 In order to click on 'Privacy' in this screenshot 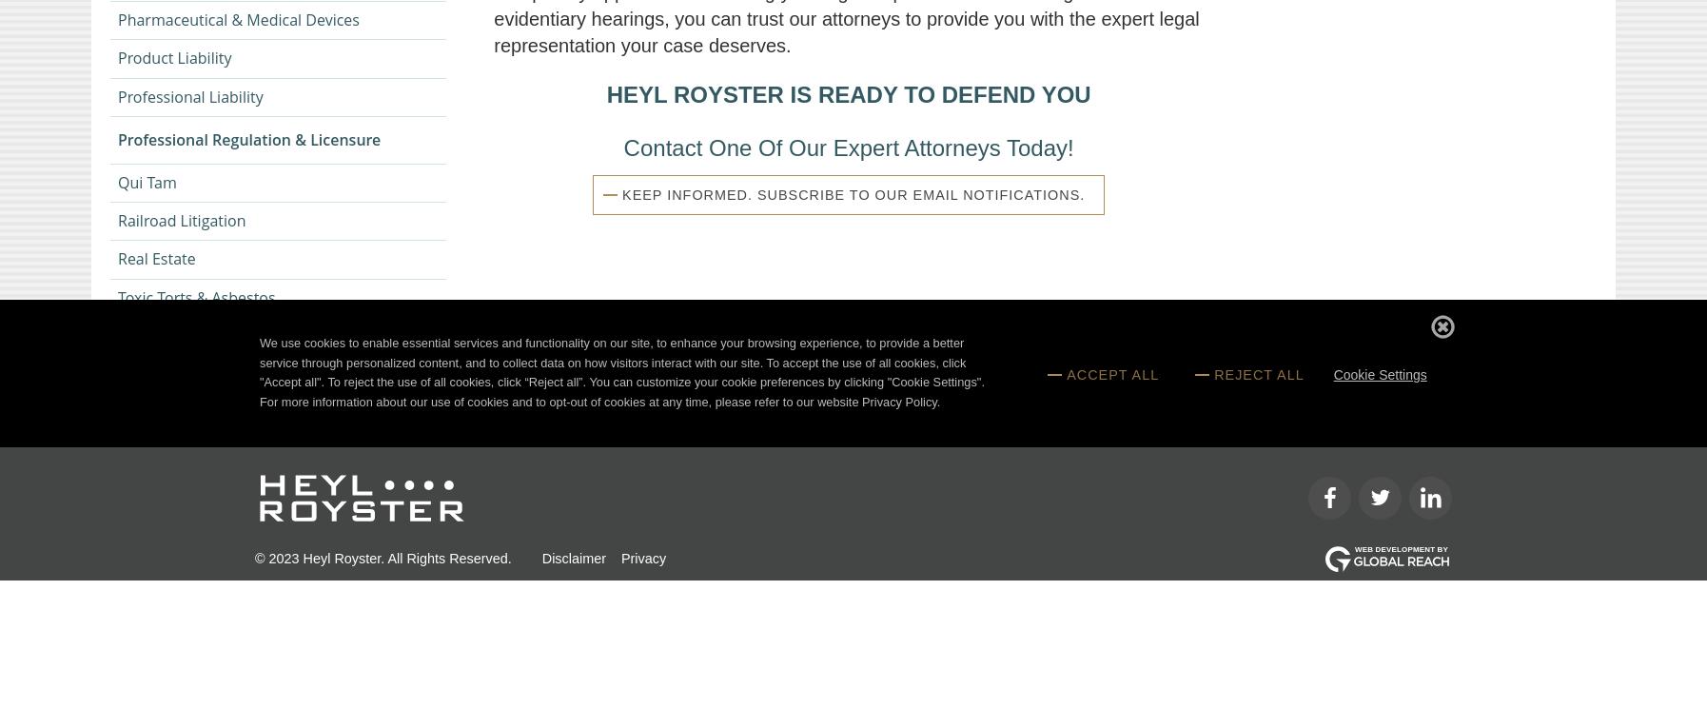, I will do `click(642, 558)`.